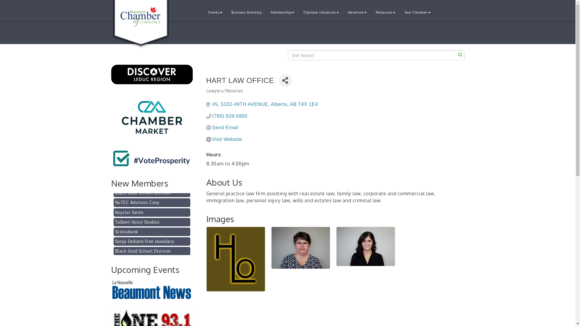 Image resolution: width=580 pixels, height=326 pixels. I want to click on 'Events', so click(215, 12).